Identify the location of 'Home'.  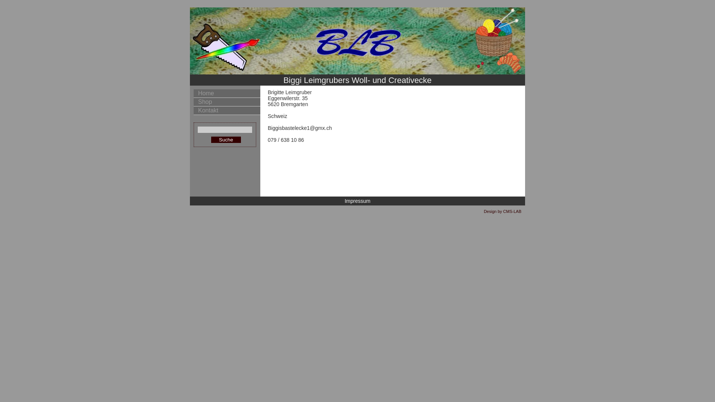
(226, 93).